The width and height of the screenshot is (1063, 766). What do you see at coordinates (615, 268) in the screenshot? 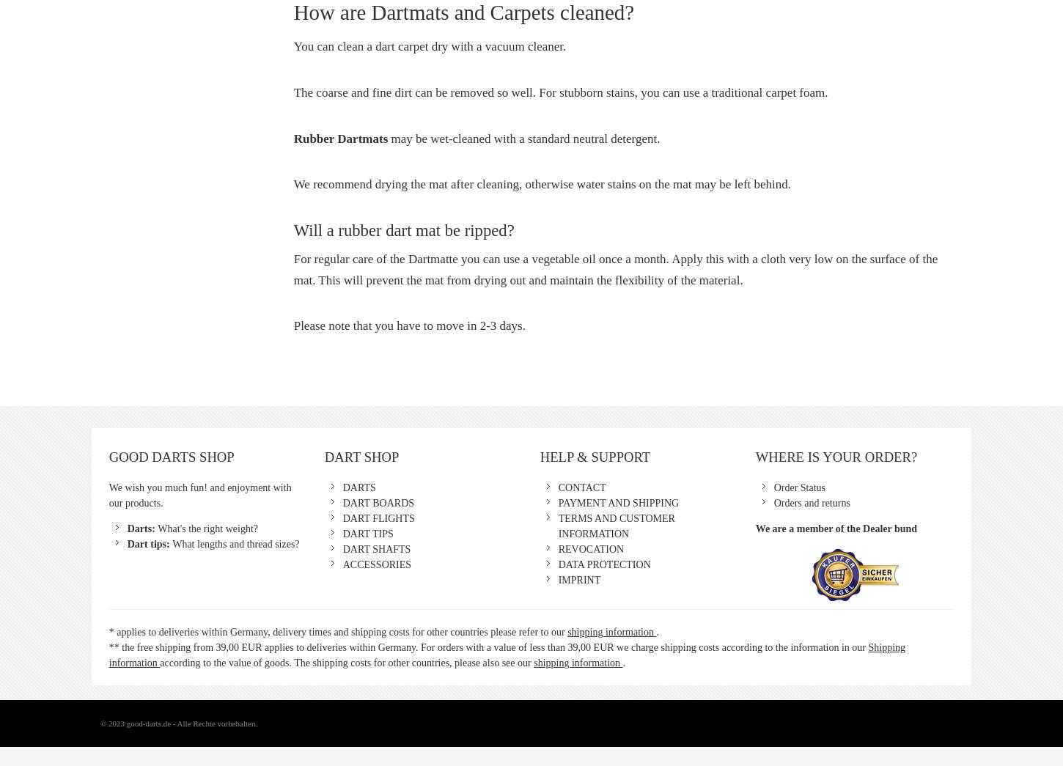
I see `'For regular care of the Dartmatte you can use a vegetable oil once a month. Apply this with a cloth very low on the surface of the mat. This will prevent the mat from drying out and maintain the flexibility of the material.'` at bounding box center [615, 268].